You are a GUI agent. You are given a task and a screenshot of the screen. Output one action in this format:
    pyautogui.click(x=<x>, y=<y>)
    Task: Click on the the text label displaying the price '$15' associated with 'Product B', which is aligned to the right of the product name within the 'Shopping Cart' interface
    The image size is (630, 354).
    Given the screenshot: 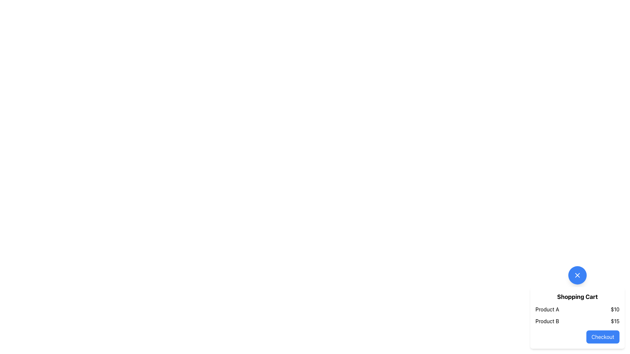 What is the action you would take?
    pyautogui.click(x=615, y=321)
    